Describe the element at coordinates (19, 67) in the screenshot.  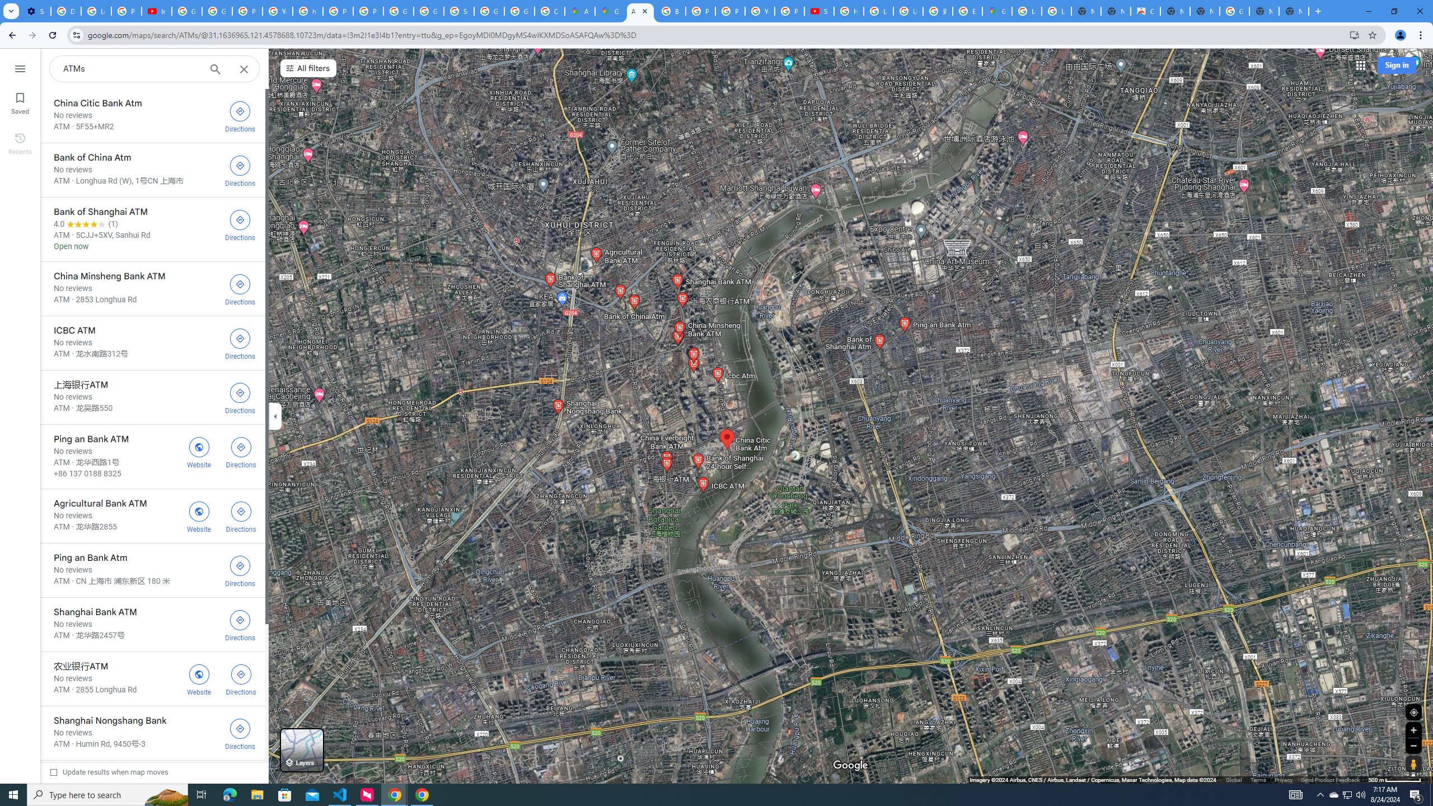
I see `'Menu'` at that location.